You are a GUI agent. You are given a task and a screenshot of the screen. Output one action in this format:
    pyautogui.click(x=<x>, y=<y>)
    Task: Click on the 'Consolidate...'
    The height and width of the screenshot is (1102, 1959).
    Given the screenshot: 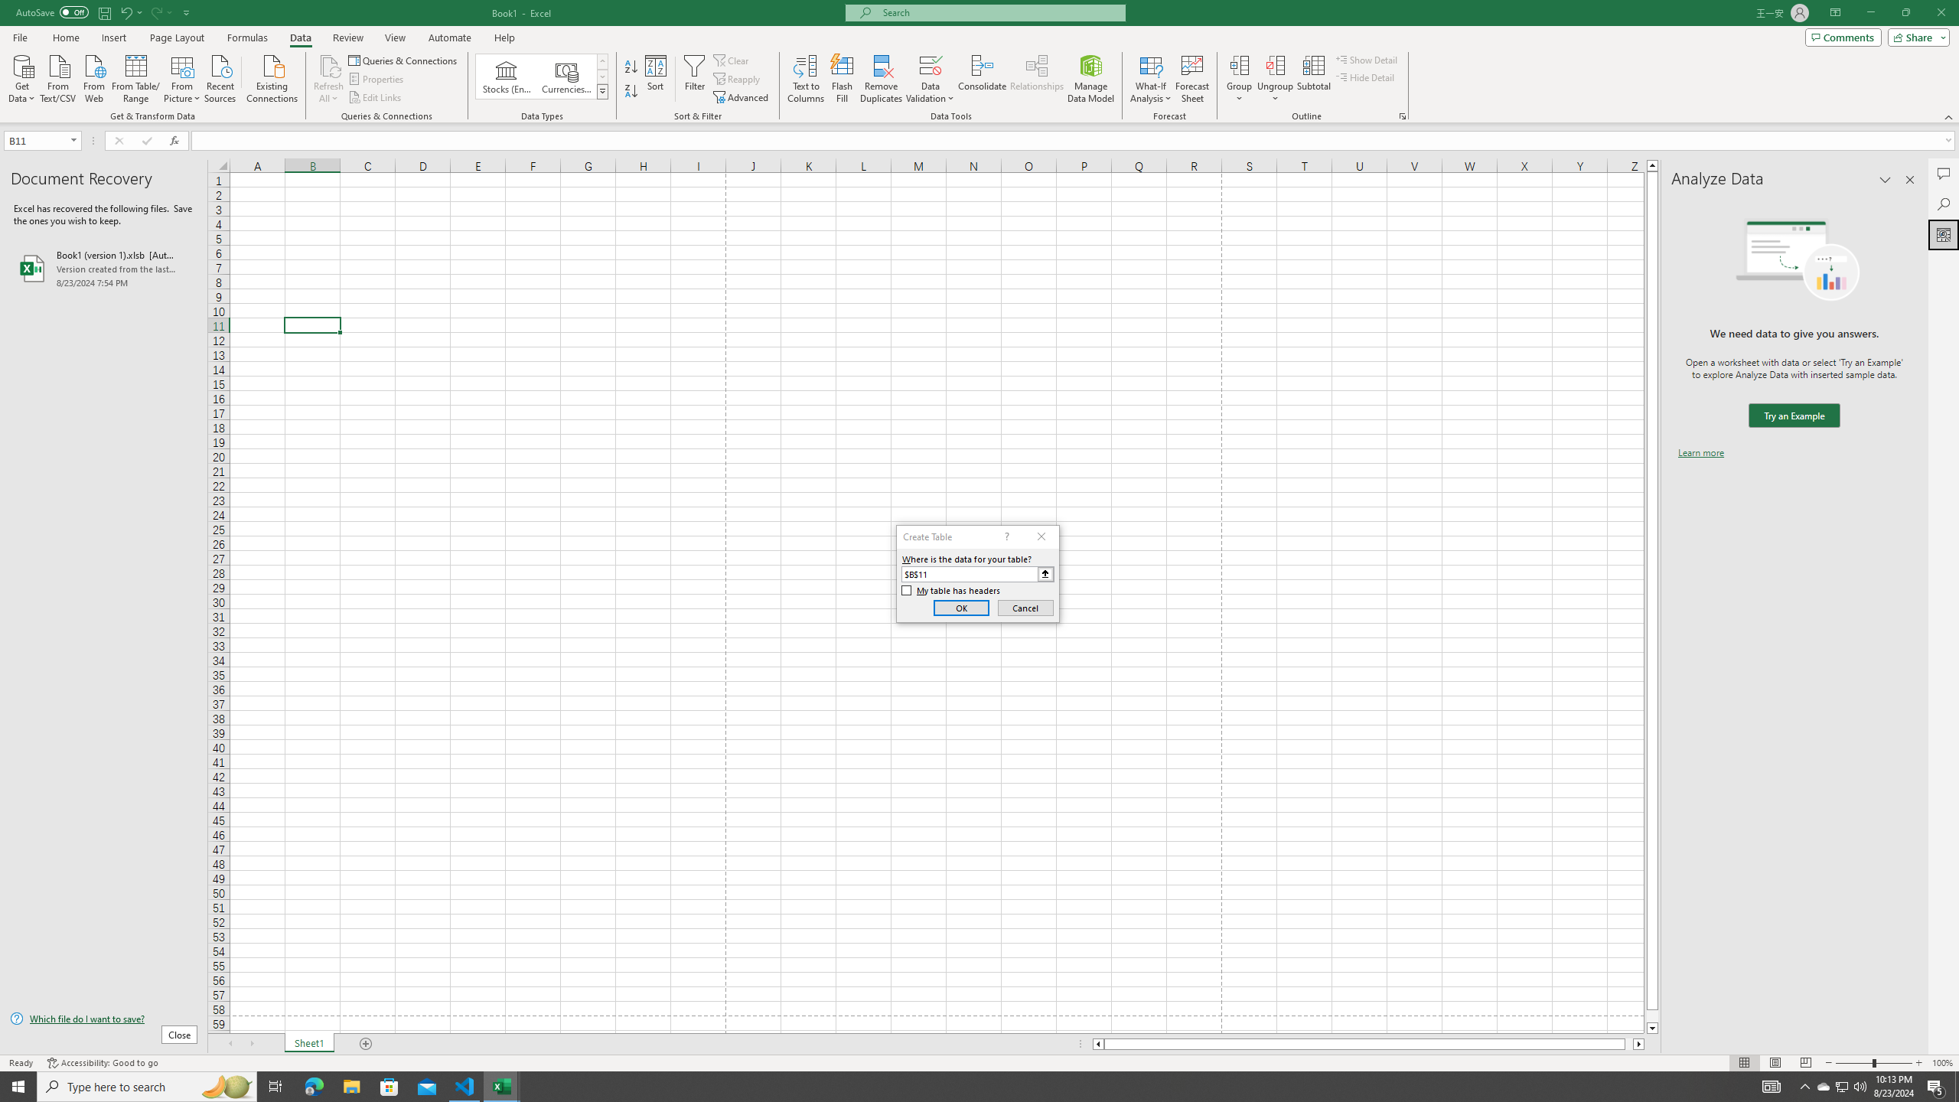 What is the action you would take?
    pyautogui.click(x=982, y=79)
    